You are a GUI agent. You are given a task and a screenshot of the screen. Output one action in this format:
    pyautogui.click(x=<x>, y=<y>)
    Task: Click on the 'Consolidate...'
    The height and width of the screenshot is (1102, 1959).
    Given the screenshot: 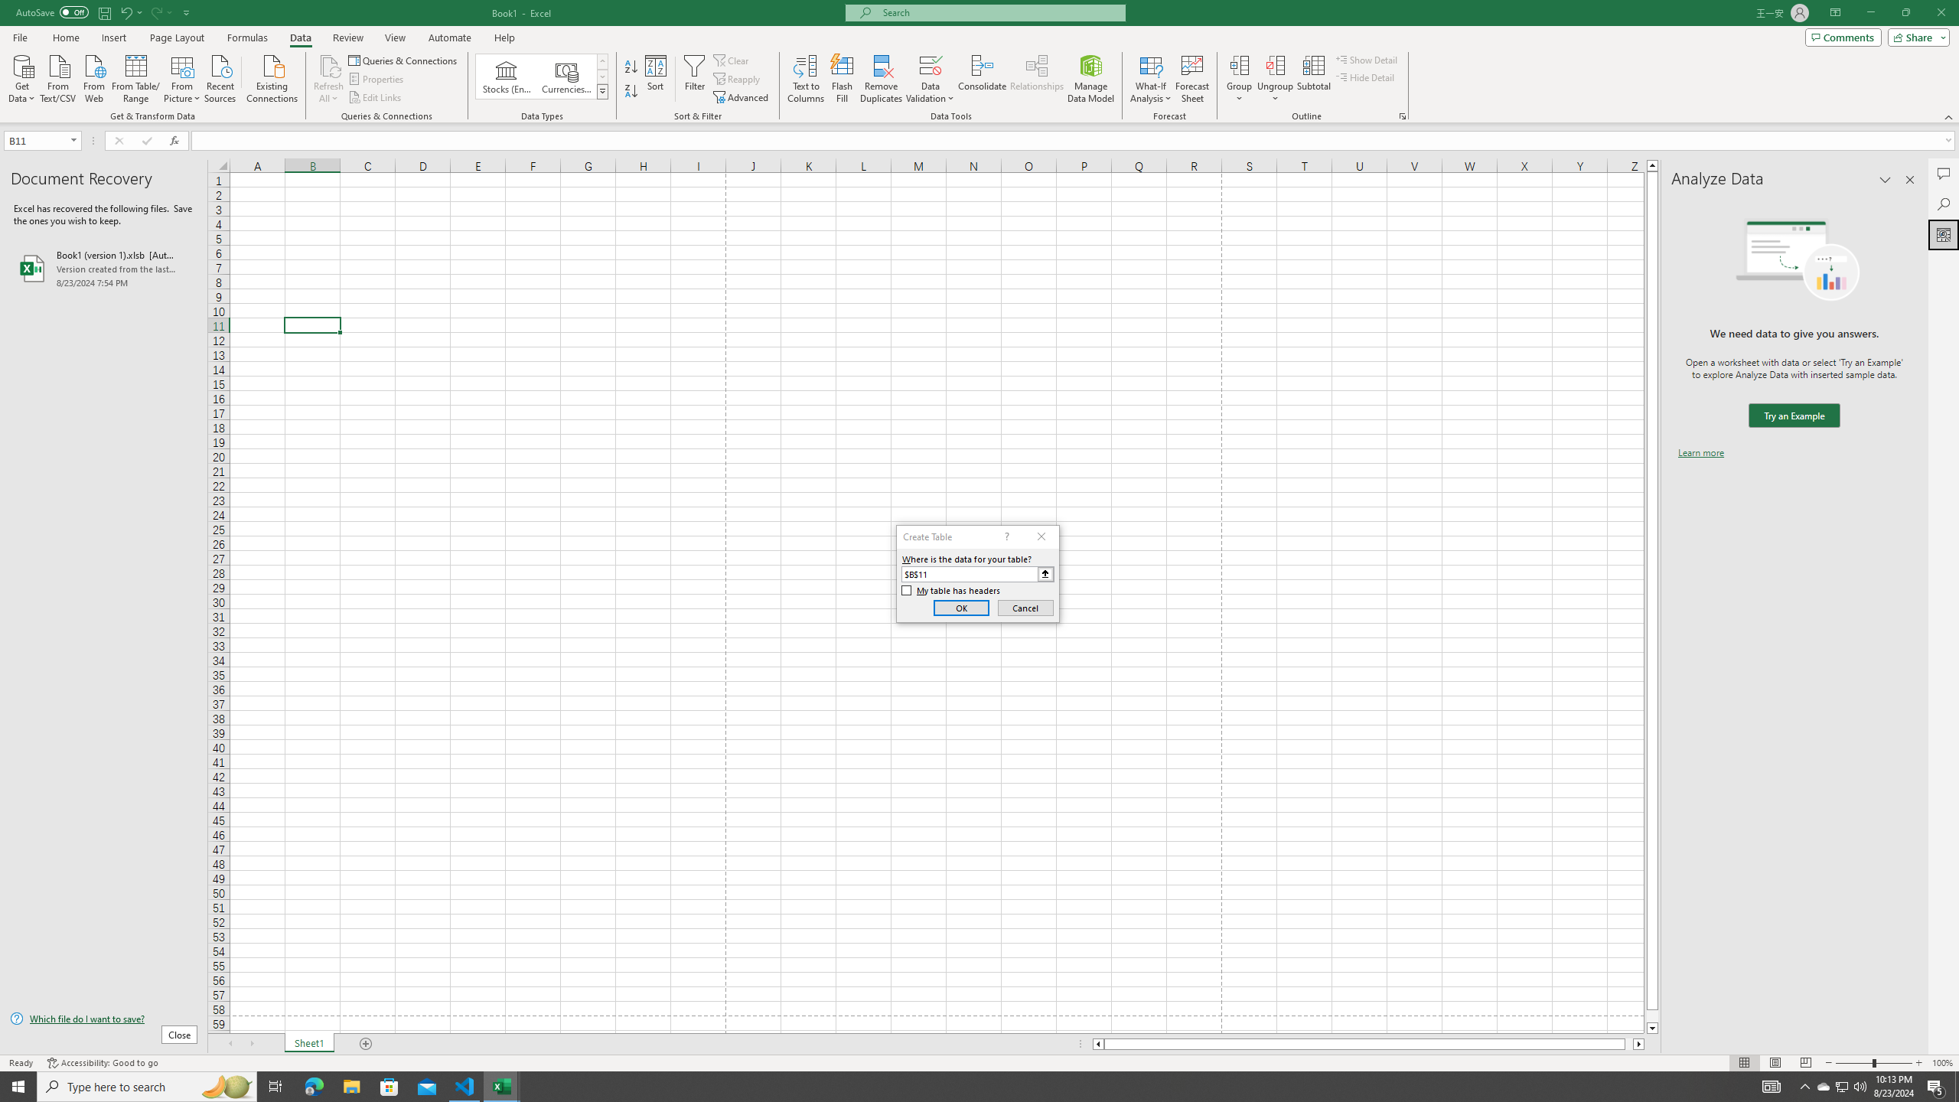 What is the action you would take?
    pyautogui.click(x=982, y=79)
    